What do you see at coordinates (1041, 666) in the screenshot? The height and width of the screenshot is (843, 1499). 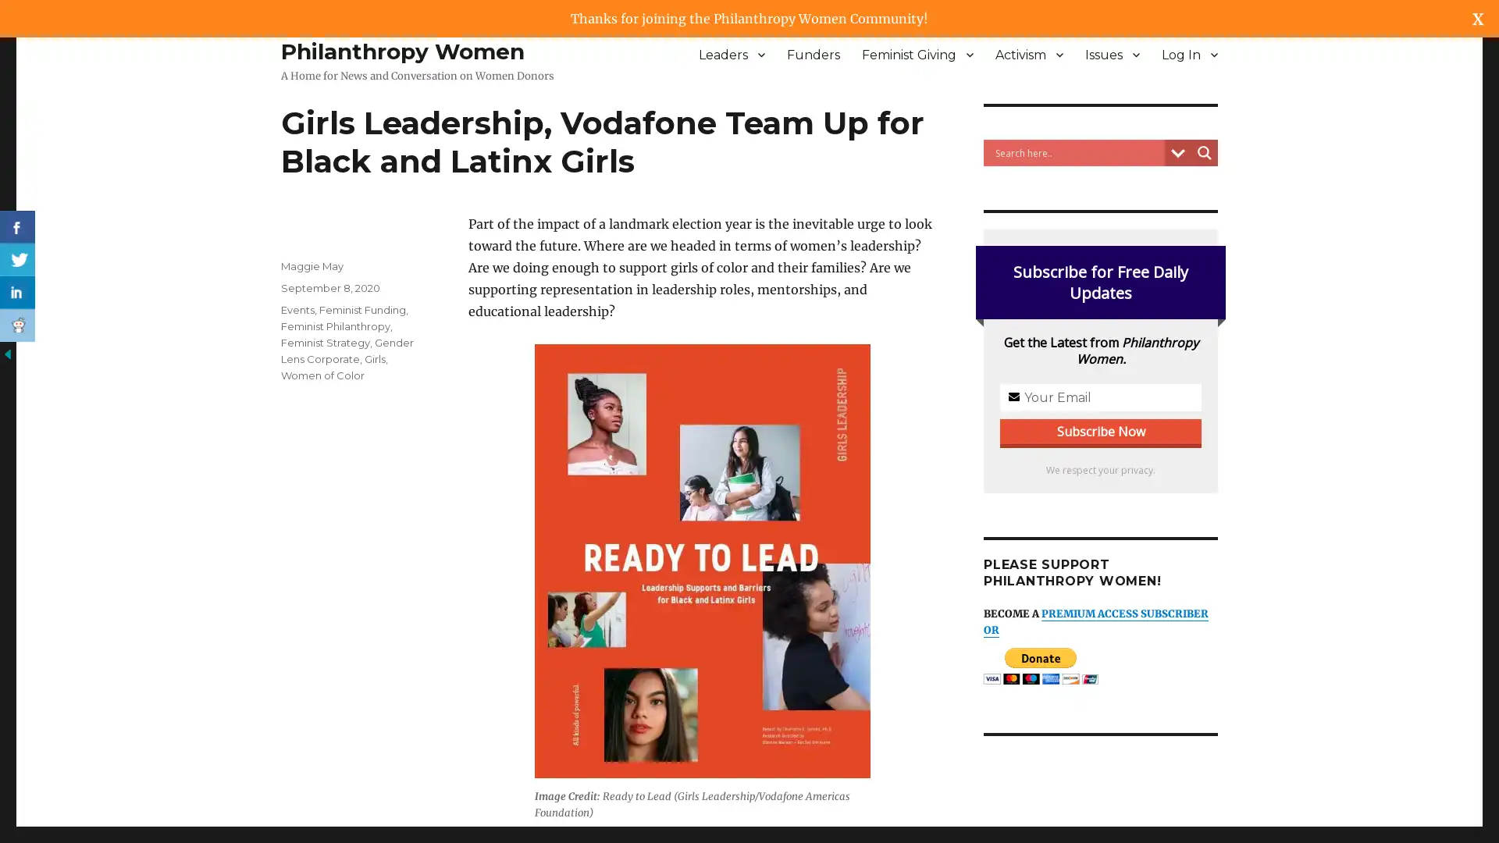 I see `PayPal - The safer, easier way to pay online!` at bounding box center [1041, 666].